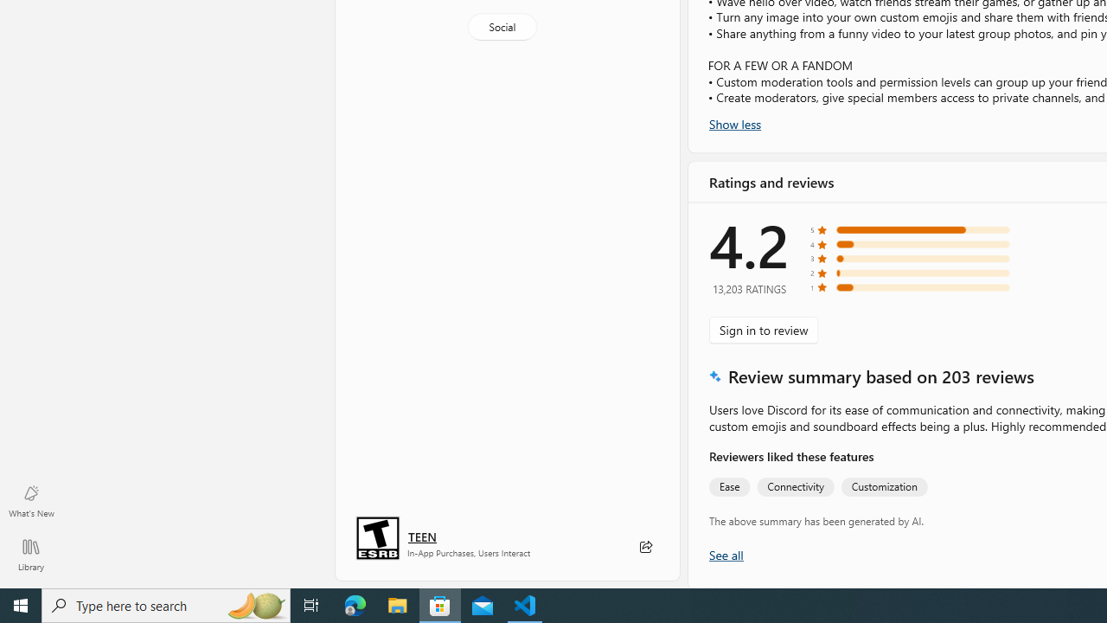 This screenshot has height=623, width=1107. What do you see at coordinates (30, 554) in the screenshot?
I see `'Library'` at bounding box center [30, 554].